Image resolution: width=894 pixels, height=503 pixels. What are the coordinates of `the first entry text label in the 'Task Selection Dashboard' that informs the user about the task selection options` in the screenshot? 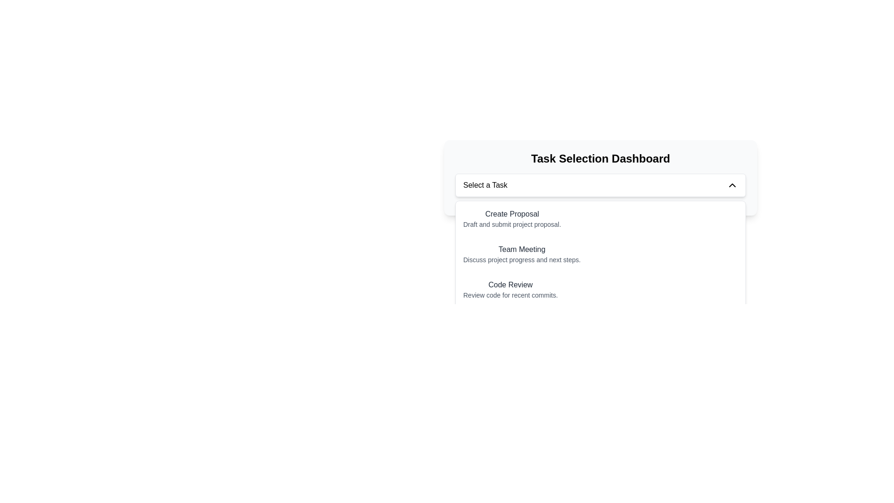 It's located at (511, 214).